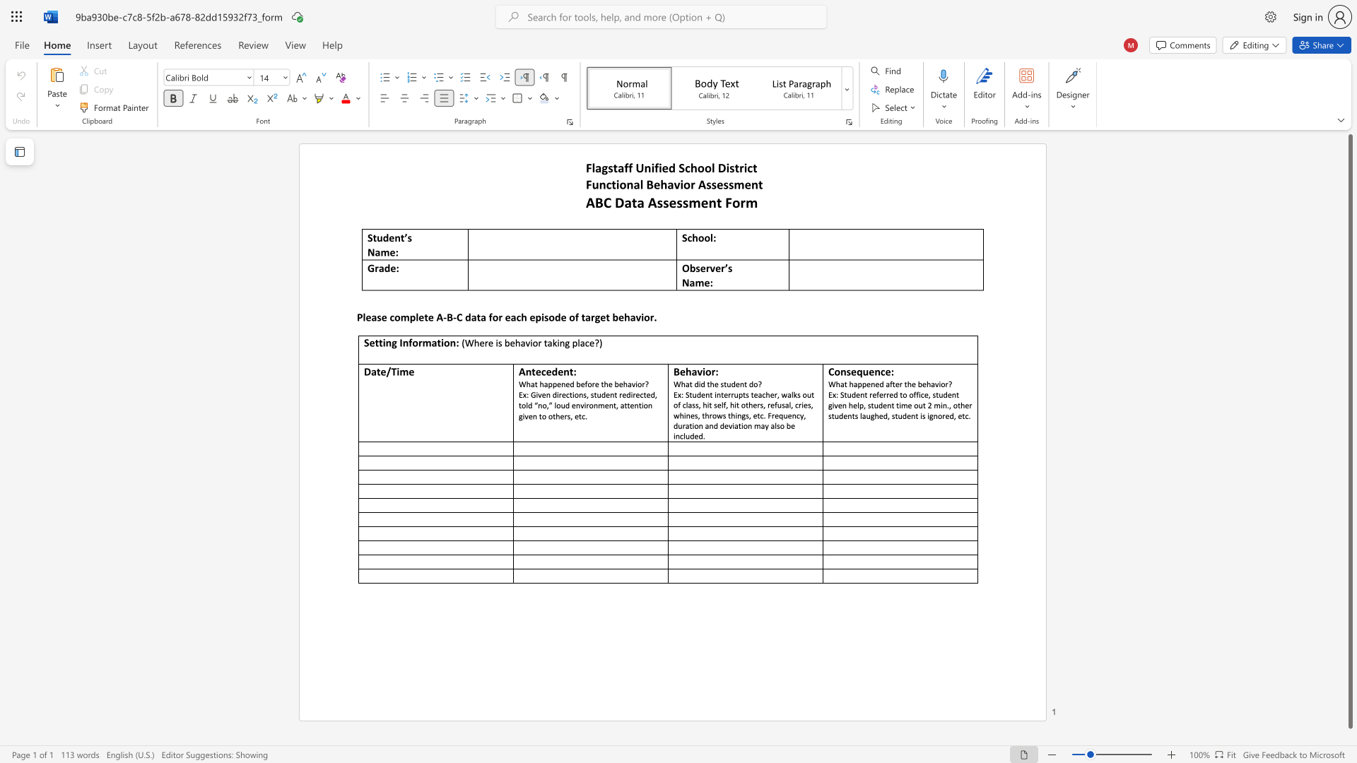  I want to click on the subset text "ay also be include" within the text ", throws things, etc. Frequency, duration and deviation may also be included.", so click(760, 425).